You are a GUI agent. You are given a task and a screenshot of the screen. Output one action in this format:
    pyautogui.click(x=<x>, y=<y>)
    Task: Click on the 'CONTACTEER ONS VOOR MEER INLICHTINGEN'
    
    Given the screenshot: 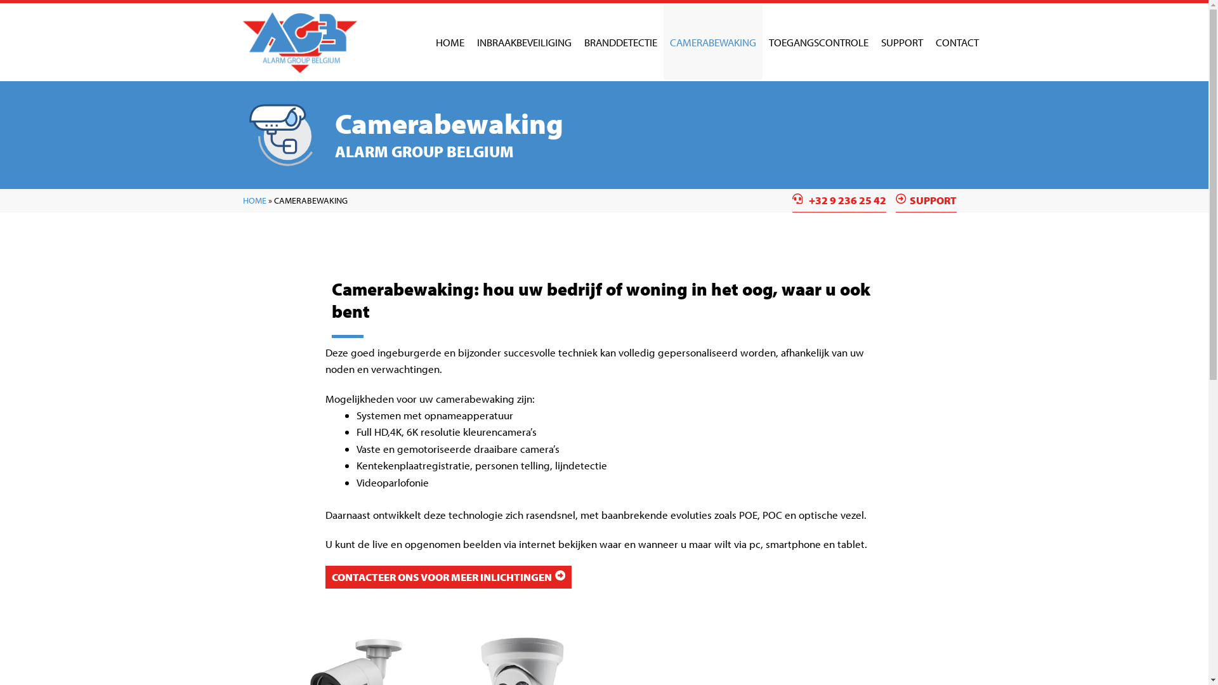 What is the action you would take?
    pyautogui.click(x=448, y=577)
    